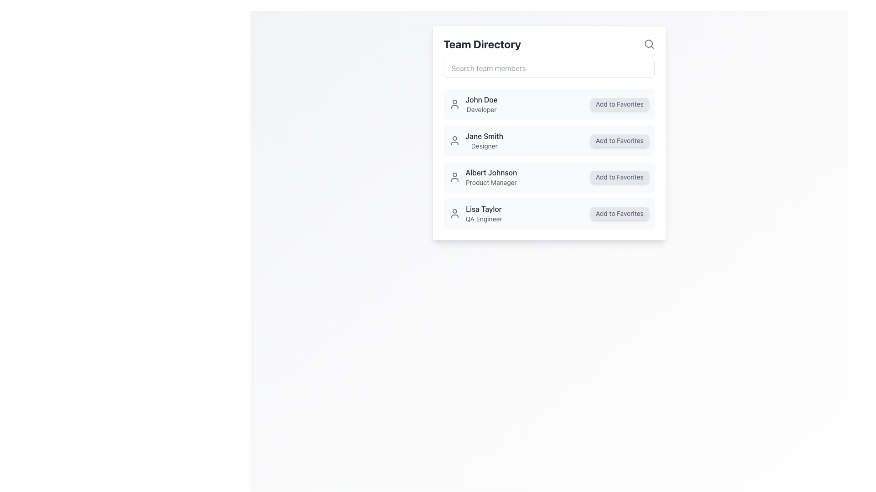 This screenshot has height=492, width=876. I want to click on the decorative circle component of the search icon located in the top-right corner of the application header, so click(648, 44).